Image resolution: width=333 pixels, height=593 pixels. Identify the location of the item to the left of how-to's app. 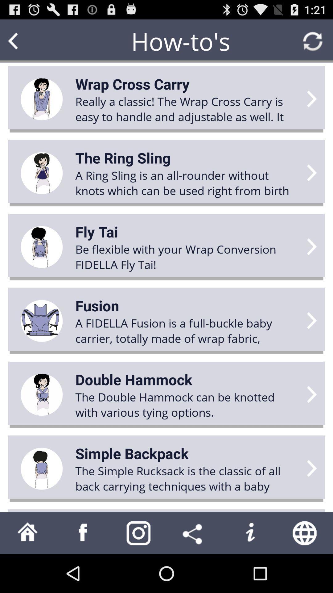
(25, 41).